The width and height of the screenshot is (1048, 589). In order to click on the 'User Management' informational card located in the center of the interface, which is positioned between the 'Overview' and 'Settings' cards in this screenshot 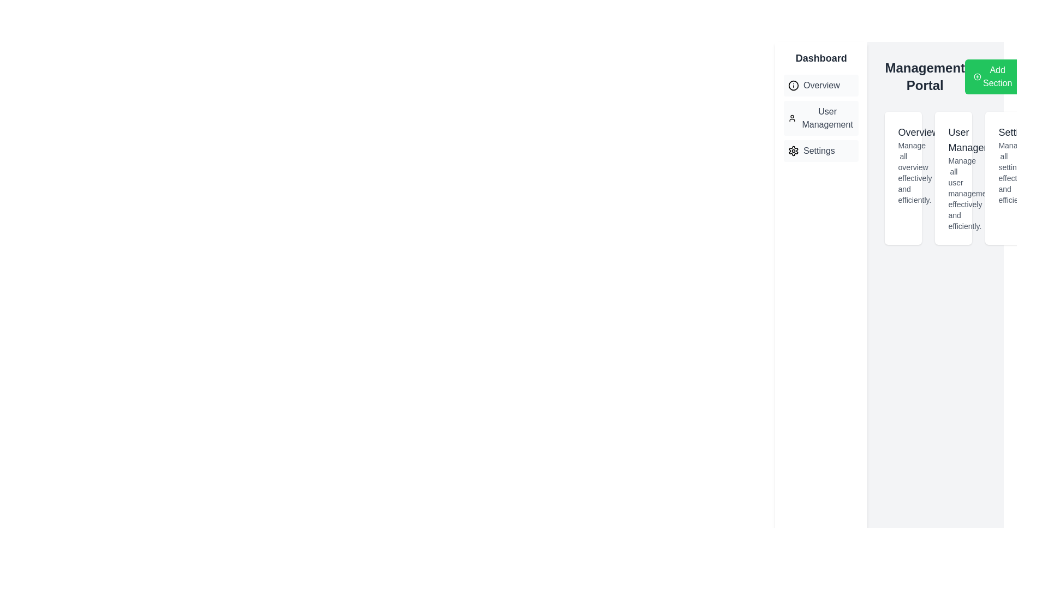, I will do `click(953, 178)`.